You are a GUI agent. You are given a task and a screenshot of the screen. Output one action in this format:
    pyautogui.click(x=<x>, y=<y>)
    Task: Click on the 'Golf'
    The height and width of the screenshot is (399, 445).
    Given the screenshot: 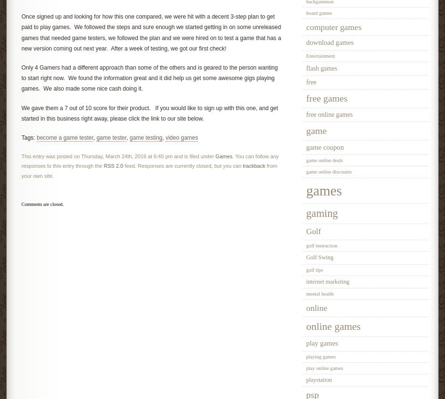 What is the action you would take?
    pyautogui.click(x=313, y=230)
    